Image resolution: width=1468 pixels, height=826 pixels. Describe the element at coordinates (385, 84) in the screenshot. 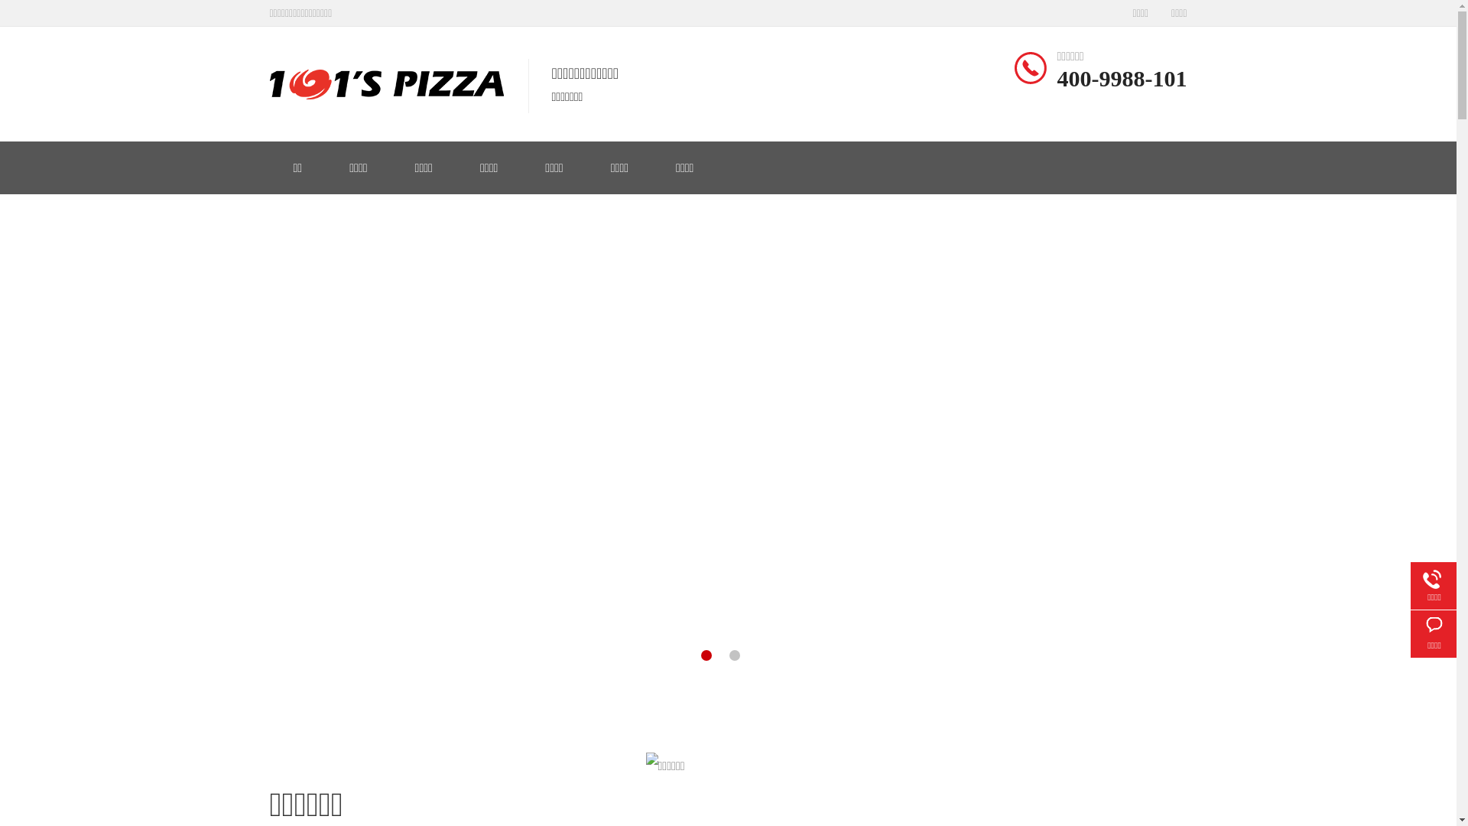

I see `'logo'` at that location.